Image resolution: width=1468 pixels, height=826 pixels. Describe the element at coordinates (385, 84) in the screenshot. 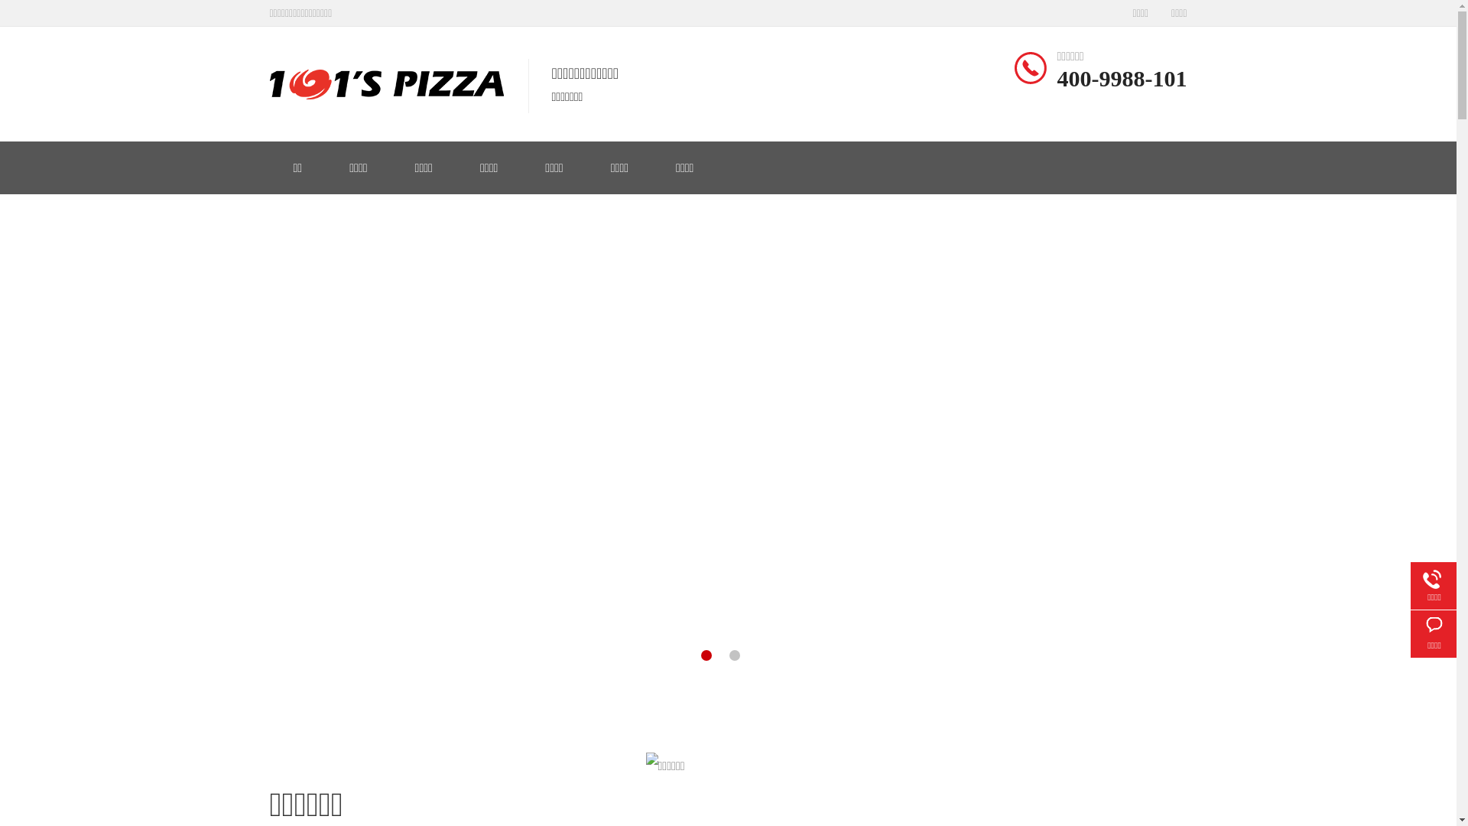

I see `'logo'` at that location.